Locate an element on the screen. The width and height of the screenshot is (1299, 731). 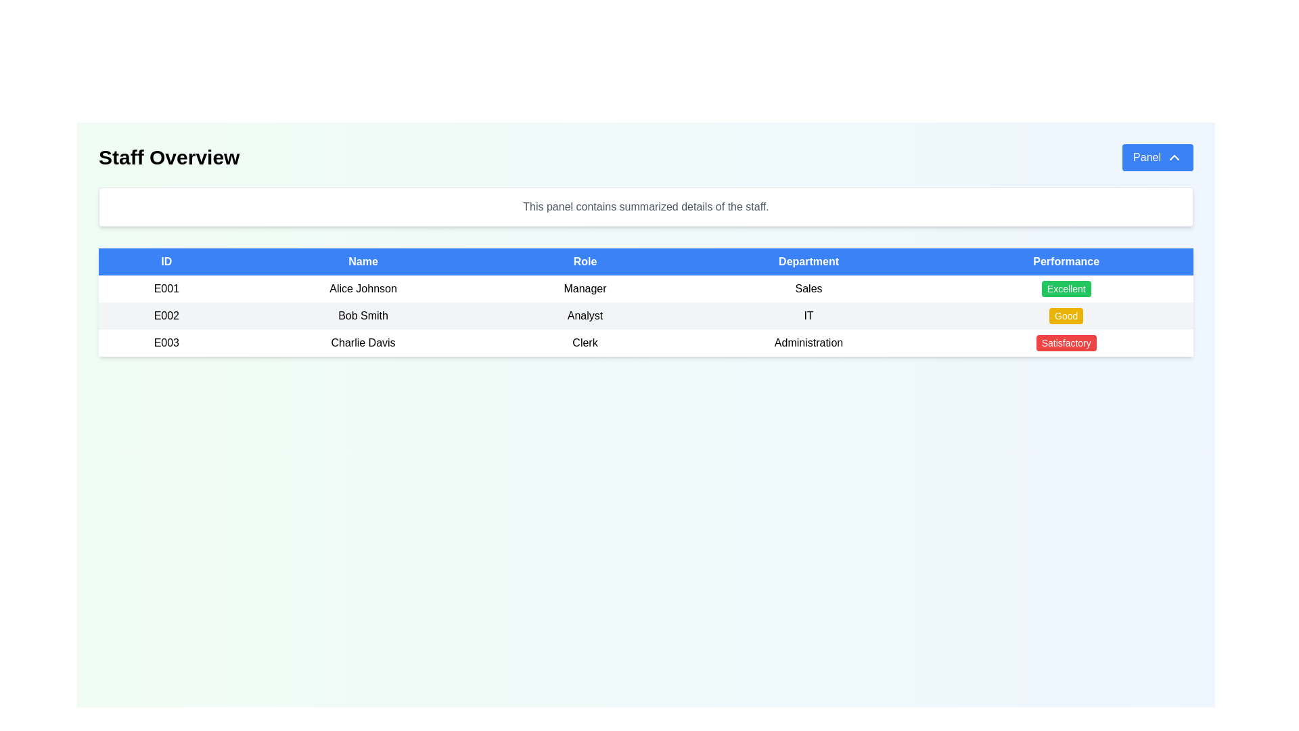
the table cell containing the text 'IT' in bold styling, located in the 'Department' column for employee 'Bob Smith' in row 'E002' is located at coordinates (808, 315).